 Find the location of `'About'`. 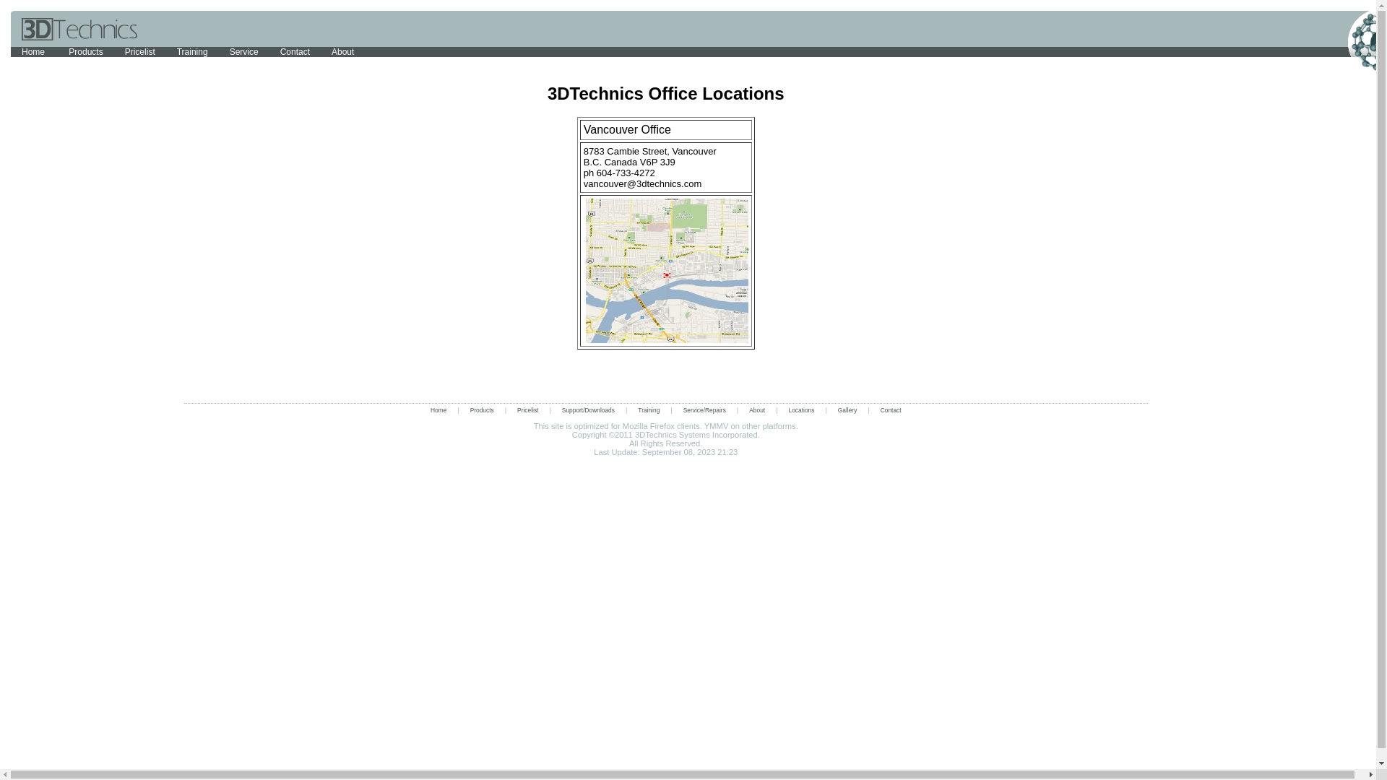

'About' is located at coordinates (342, 51).